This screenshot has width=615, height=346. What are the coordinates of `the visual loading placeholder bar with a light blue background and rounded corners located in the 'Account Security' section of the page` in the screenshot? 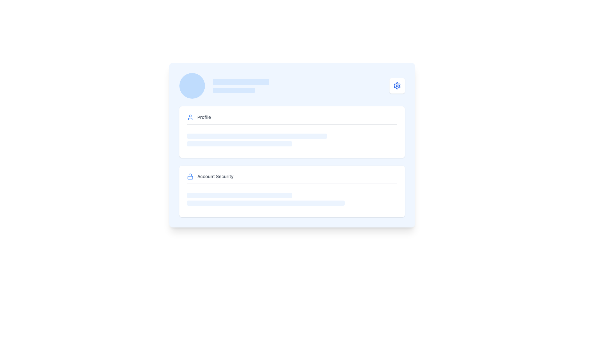 It's located at (239, 195).